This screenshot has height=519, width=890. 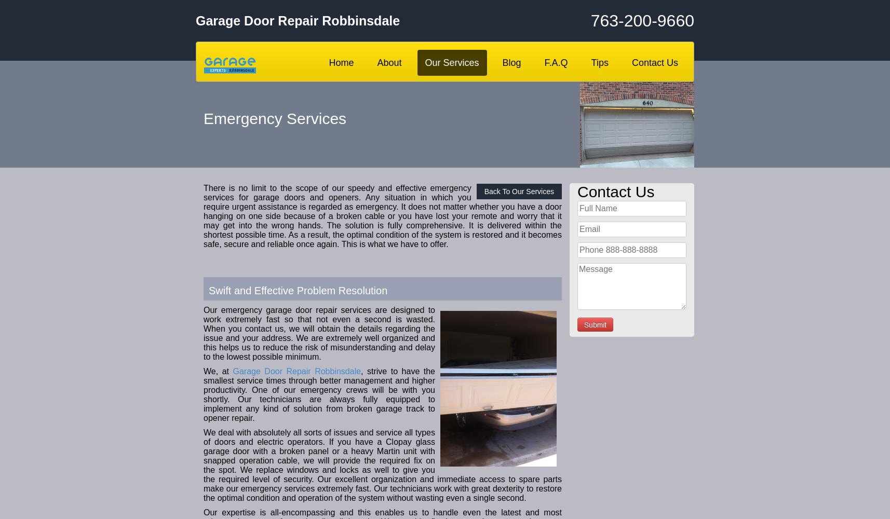 What do you see at coordinates (217, 371) in the screenshot?
I see `'We, at'` at bounding box center [217, 371].